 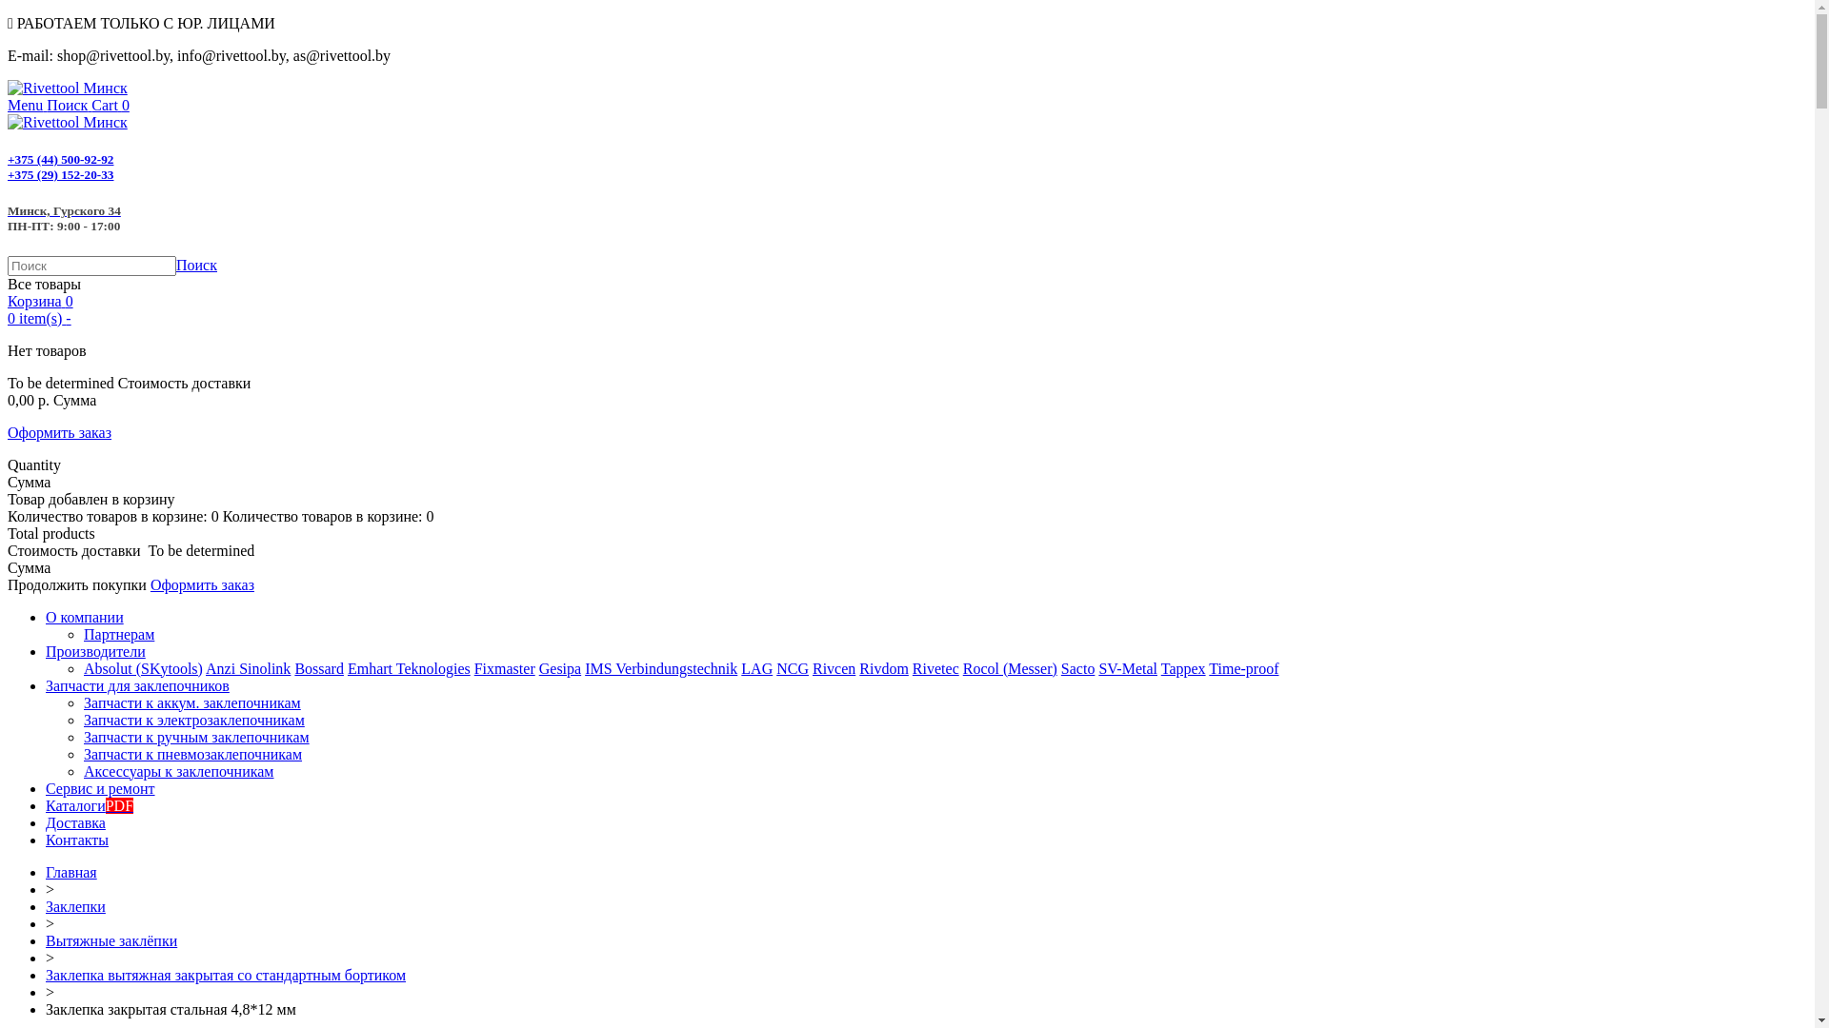 I want to click on 'Rivdom', so click(x=882, y=667).